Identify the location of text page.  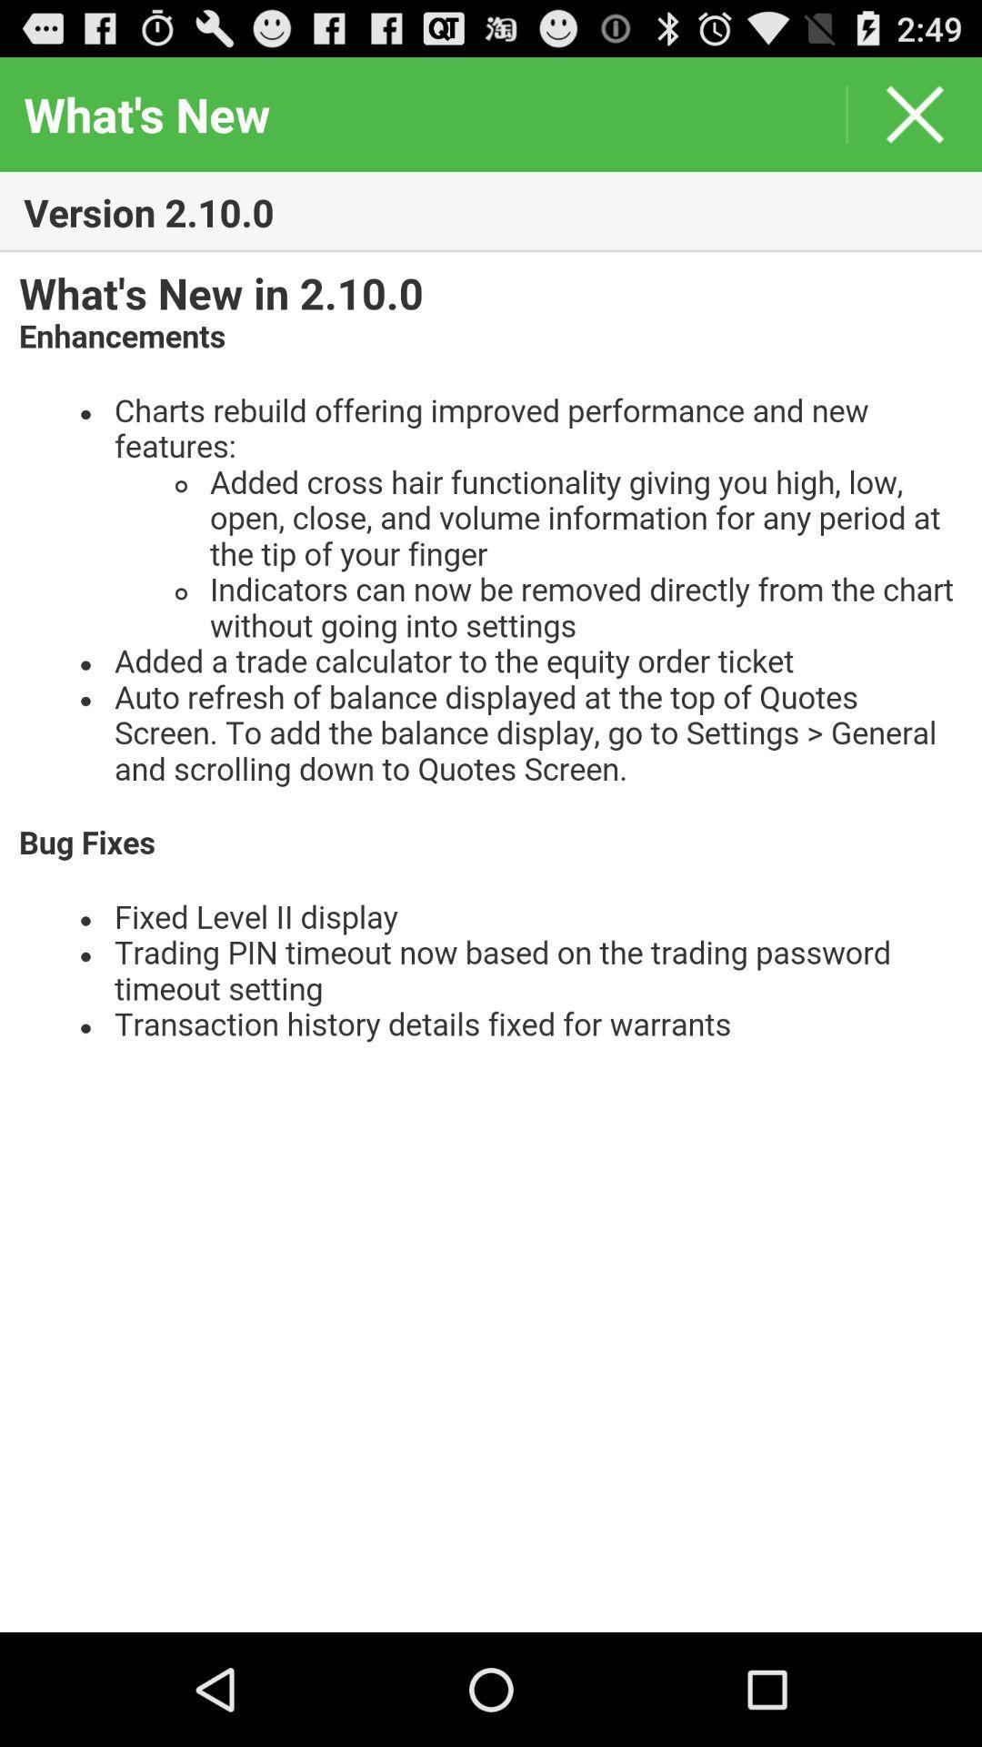
(491, 942).